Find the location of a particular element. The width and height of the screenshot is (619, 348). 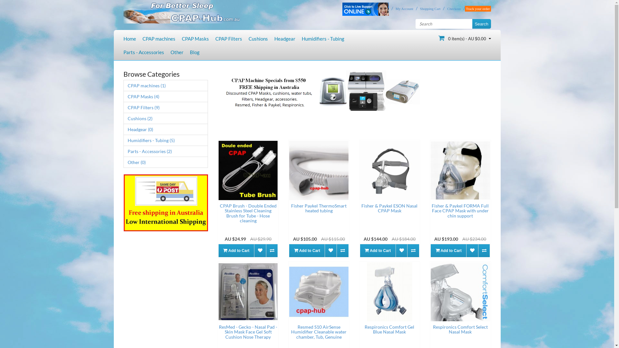

'Respironics Comfort Select Nasal Mask' is located at coordinates (460, 329).